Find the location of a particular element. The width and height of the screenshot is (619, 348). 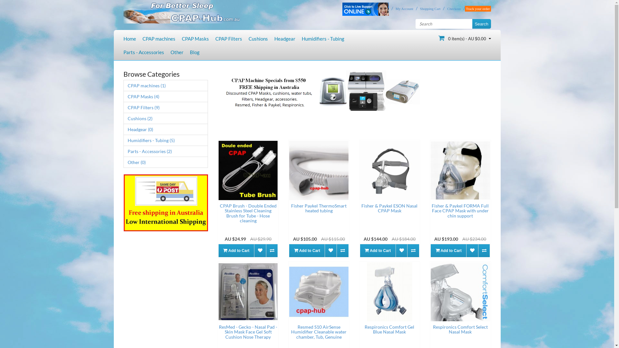

'Respironics Comfort Select Nasal Mask' is located at coordinates (460, 329).